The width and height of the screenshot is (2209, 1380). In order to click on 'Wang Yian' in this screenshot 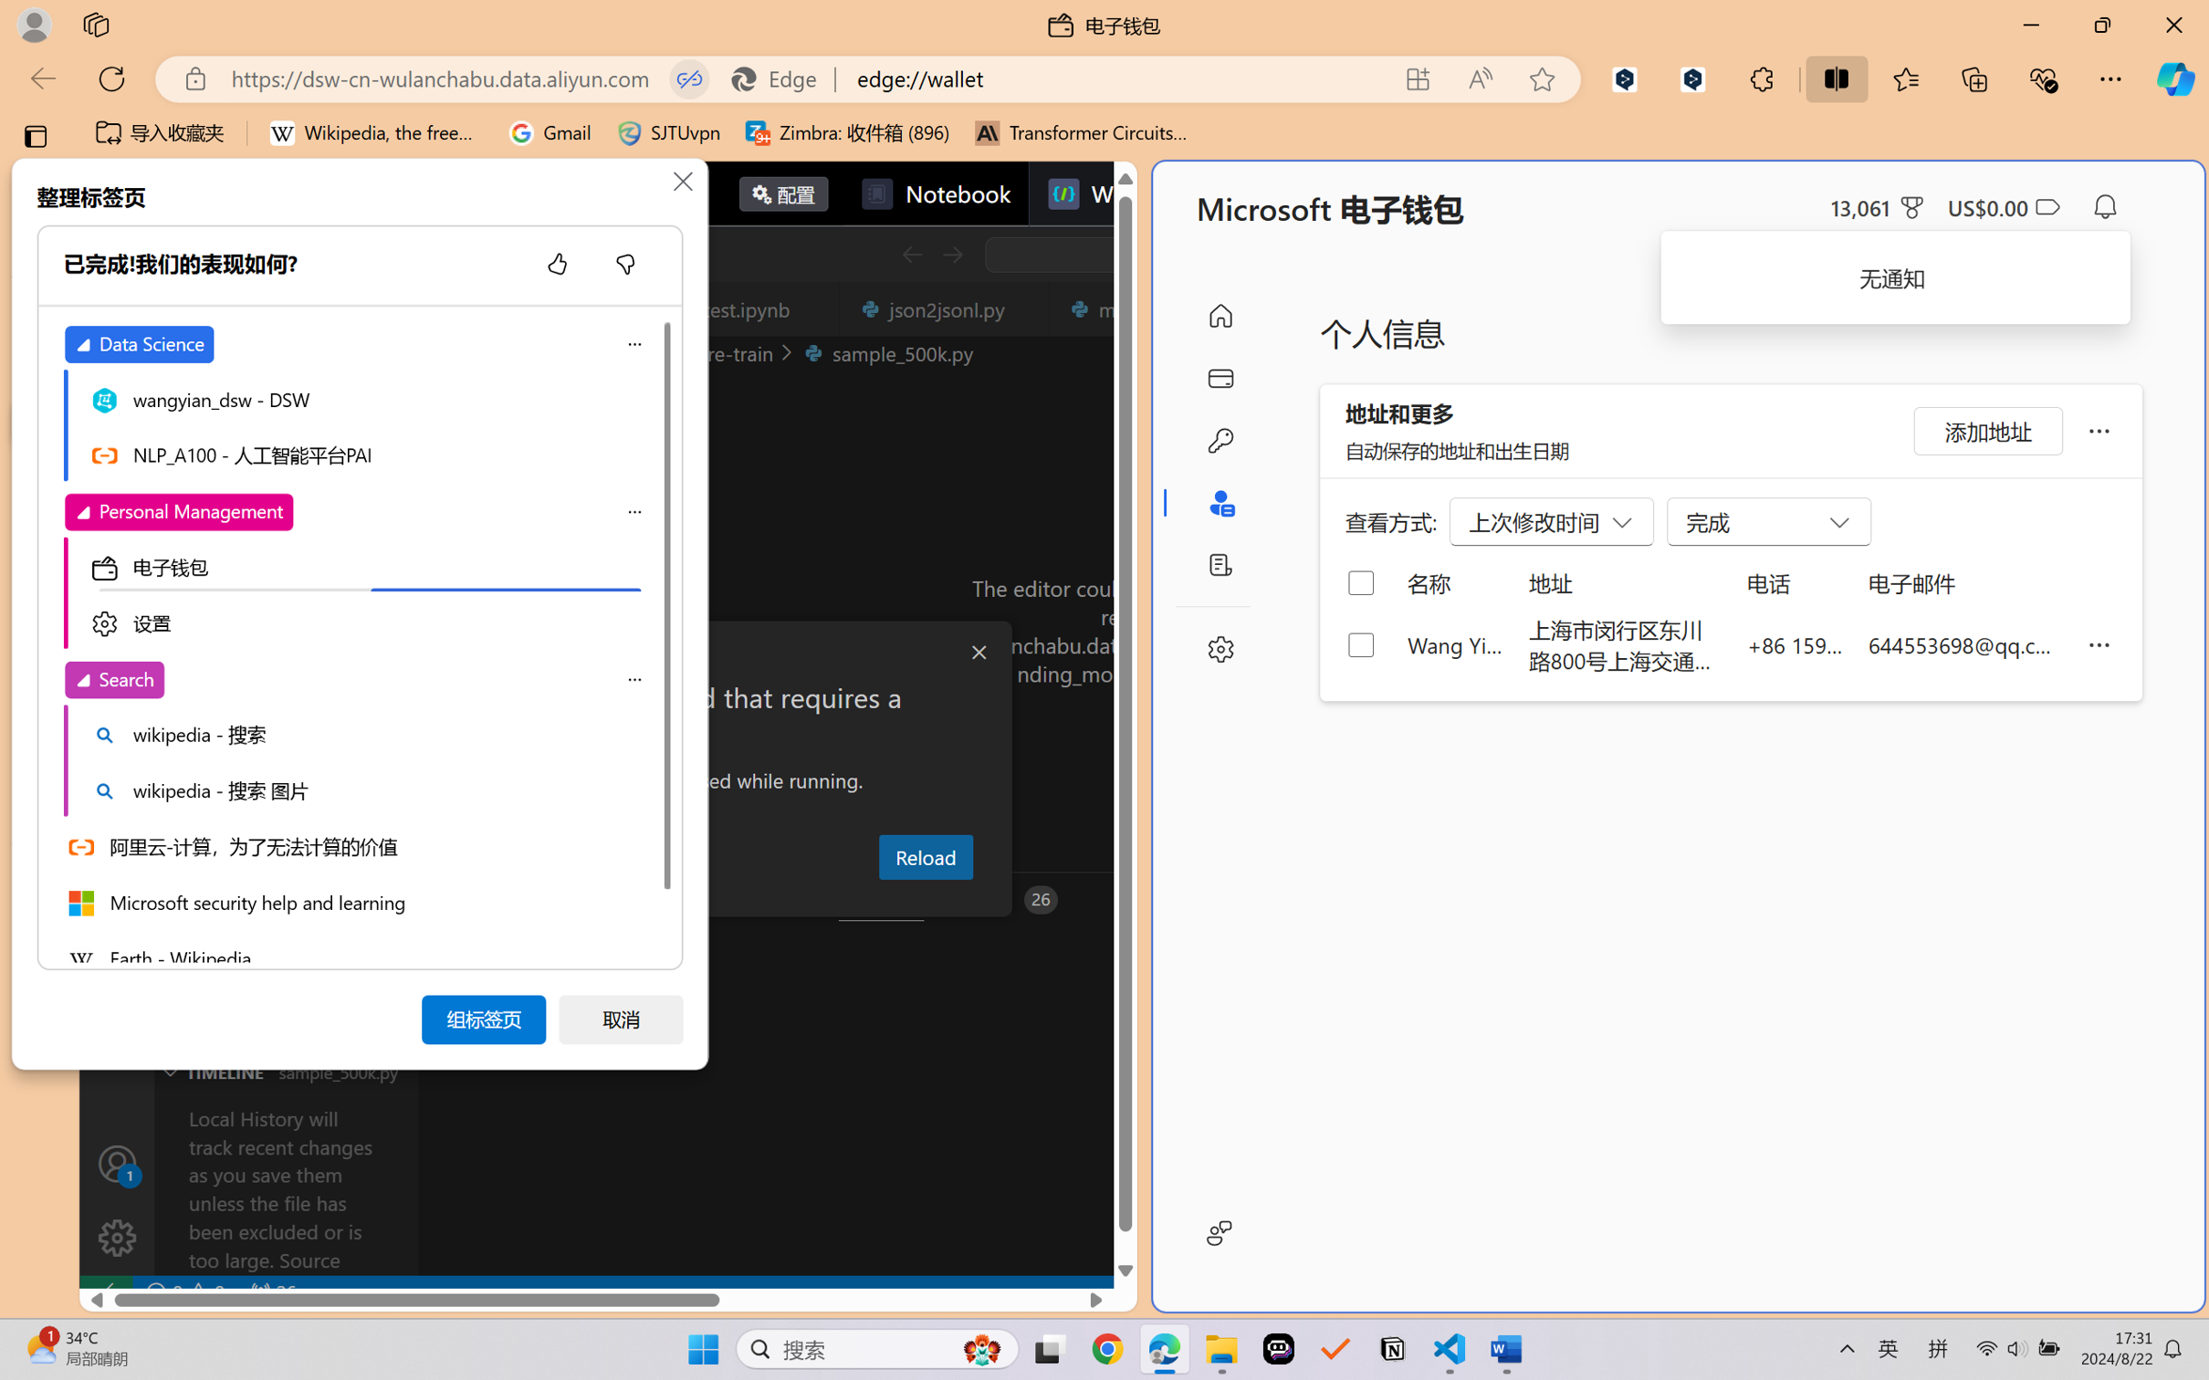, I will do `click(1453, 643)`.